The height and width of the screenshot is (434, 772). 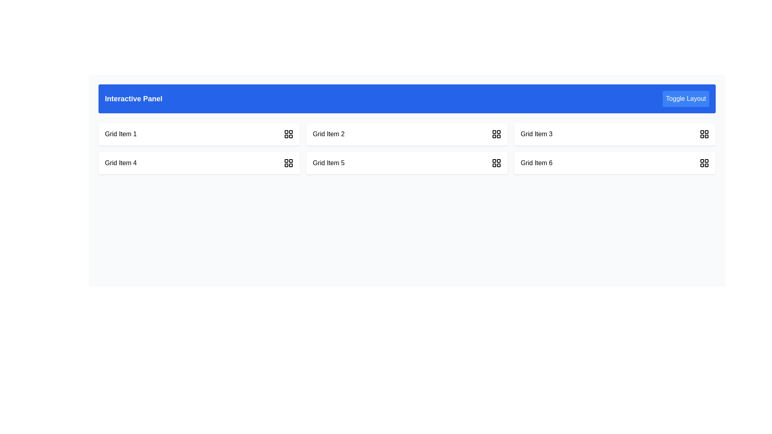 I want to click on the informational label displayed for the associated grid item, located at the upper-left of the layout within its card-like structure, so click(x=120, y=134).